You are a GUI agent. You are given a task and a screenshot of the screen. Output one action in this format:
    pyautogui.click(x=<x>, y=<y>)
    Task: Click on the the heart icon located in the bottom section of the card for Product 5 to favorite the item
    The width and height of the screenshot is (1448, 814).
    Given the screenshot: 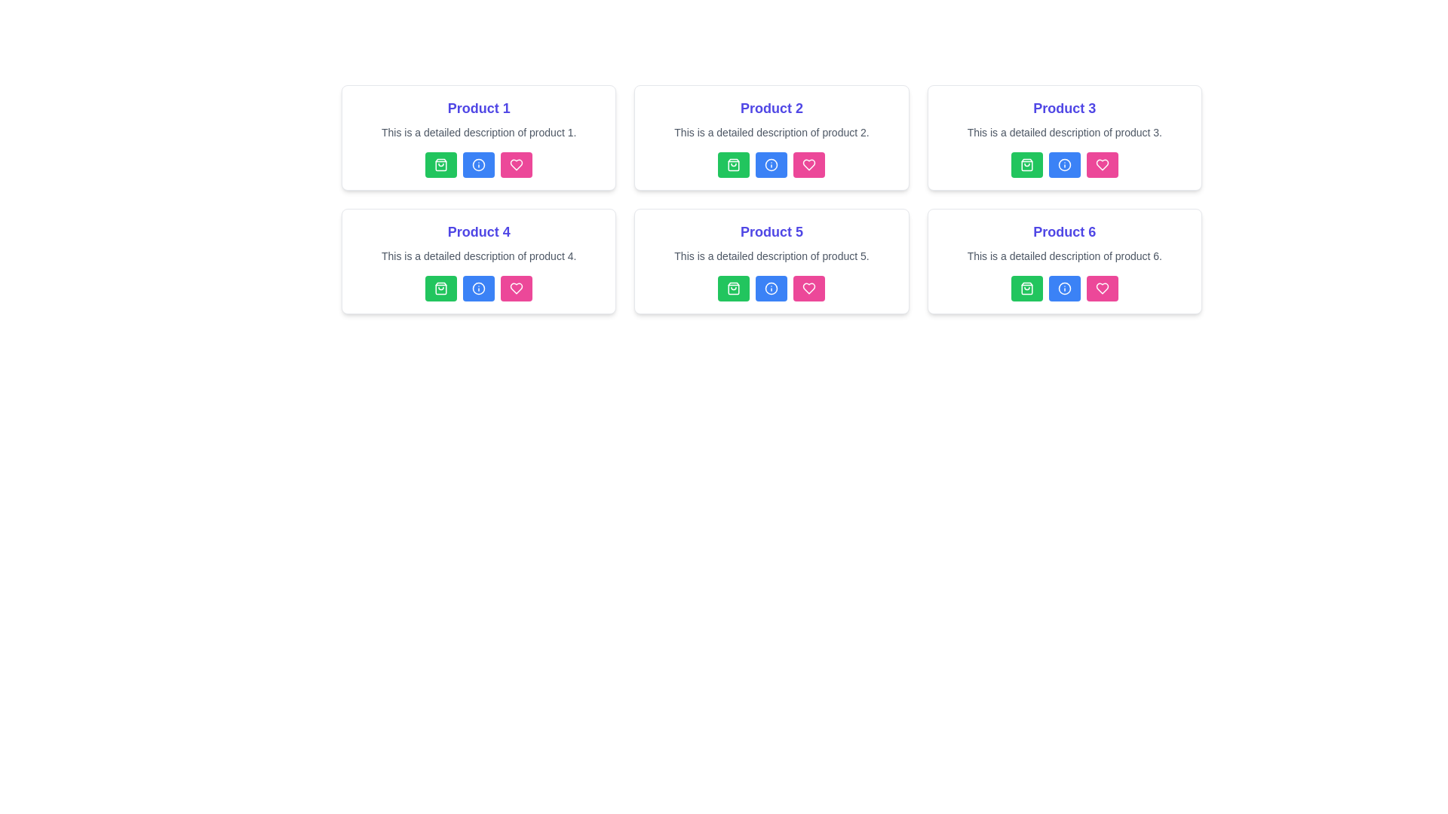 What is the action you would take?
    pyautogui.click(x=808, y=288)
    